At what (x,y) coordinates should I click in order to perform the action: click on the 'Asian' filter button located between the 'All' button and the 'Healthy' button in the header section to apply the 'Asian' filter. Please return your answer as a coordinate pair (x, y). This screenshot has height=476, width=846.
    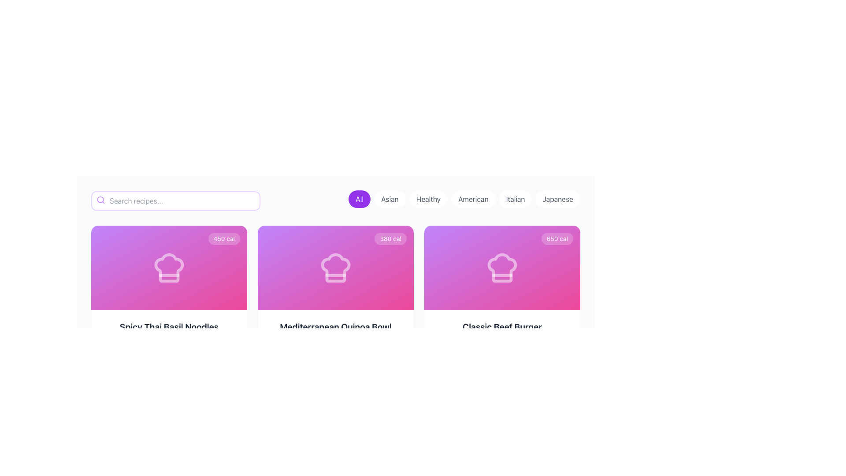
    Looking at the image, I should click on (389, 199).